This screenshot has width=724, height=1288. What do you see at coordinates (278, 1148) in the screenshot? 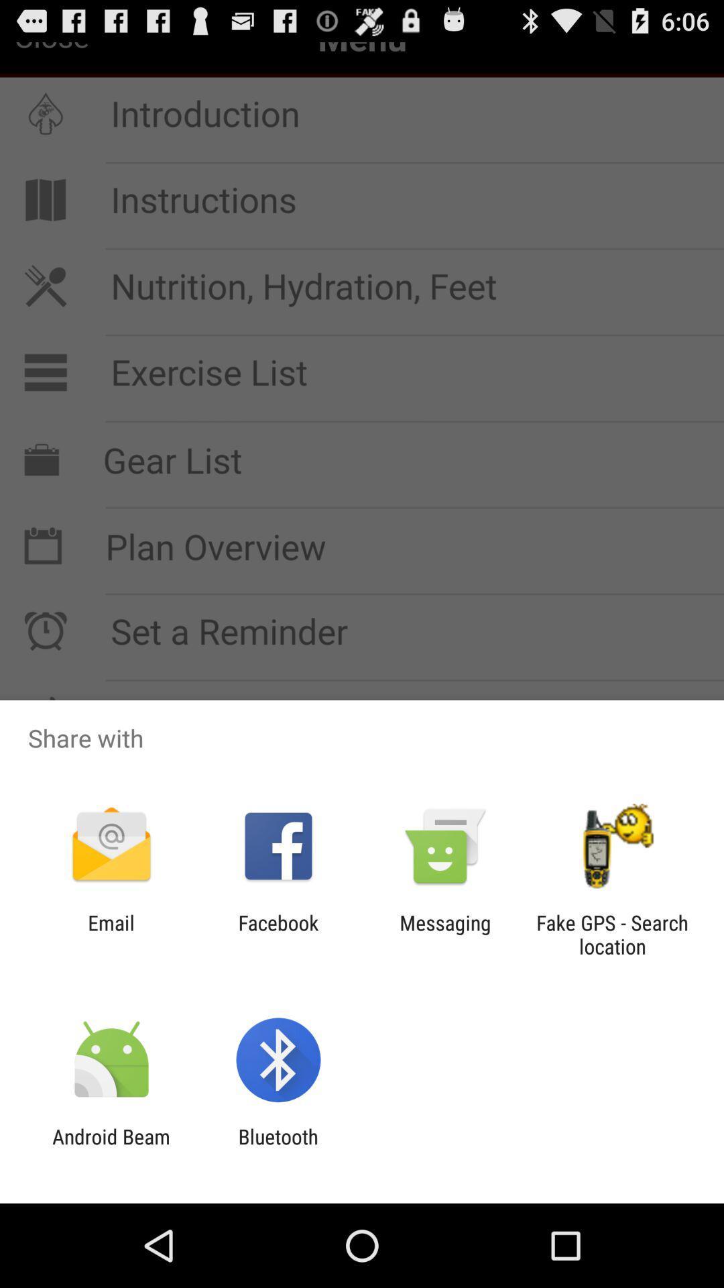
I see `the bluetooth icon` at bounding box center [278, 1148].